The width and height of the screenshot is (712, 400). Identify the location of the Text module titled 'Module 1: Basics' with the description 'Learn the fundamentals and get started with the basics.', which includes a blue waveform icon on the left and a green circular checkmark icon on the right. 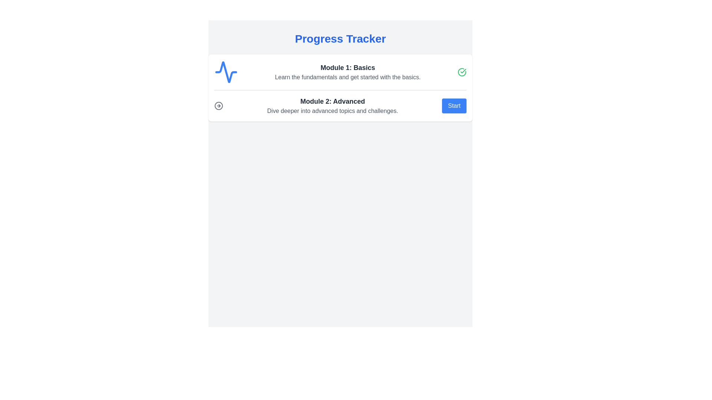
(340, 72).